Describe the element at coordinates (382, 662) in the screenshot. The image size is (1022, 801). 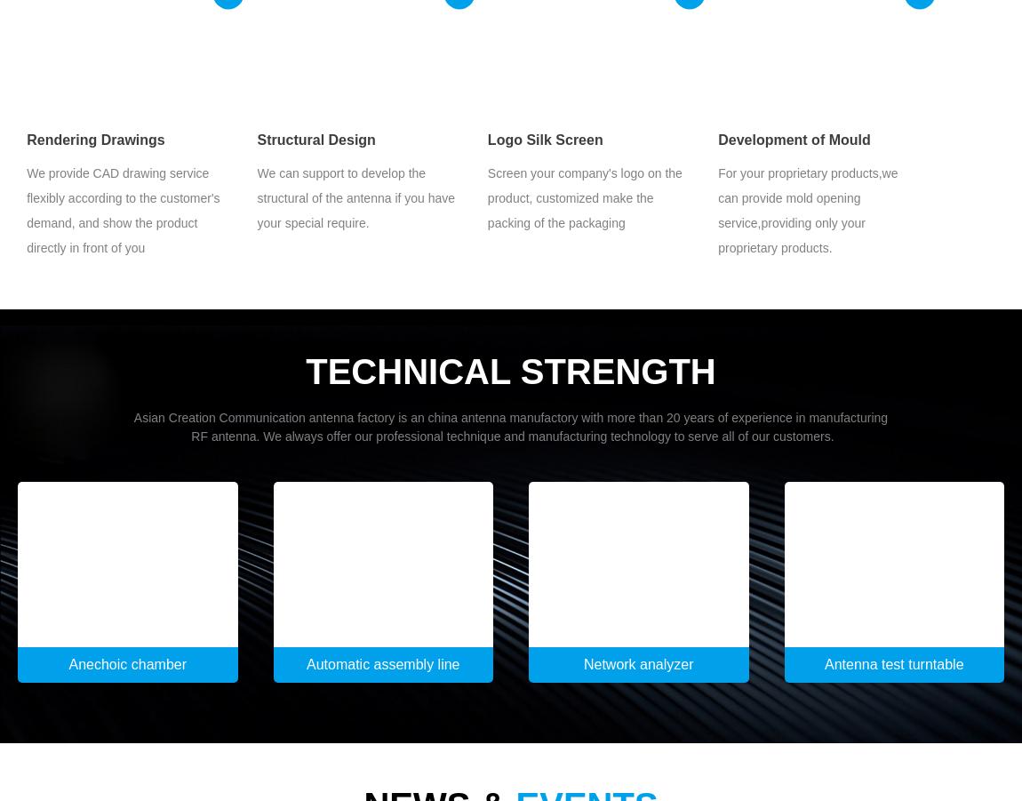
I see `'Automatic assembly line'` at that location.